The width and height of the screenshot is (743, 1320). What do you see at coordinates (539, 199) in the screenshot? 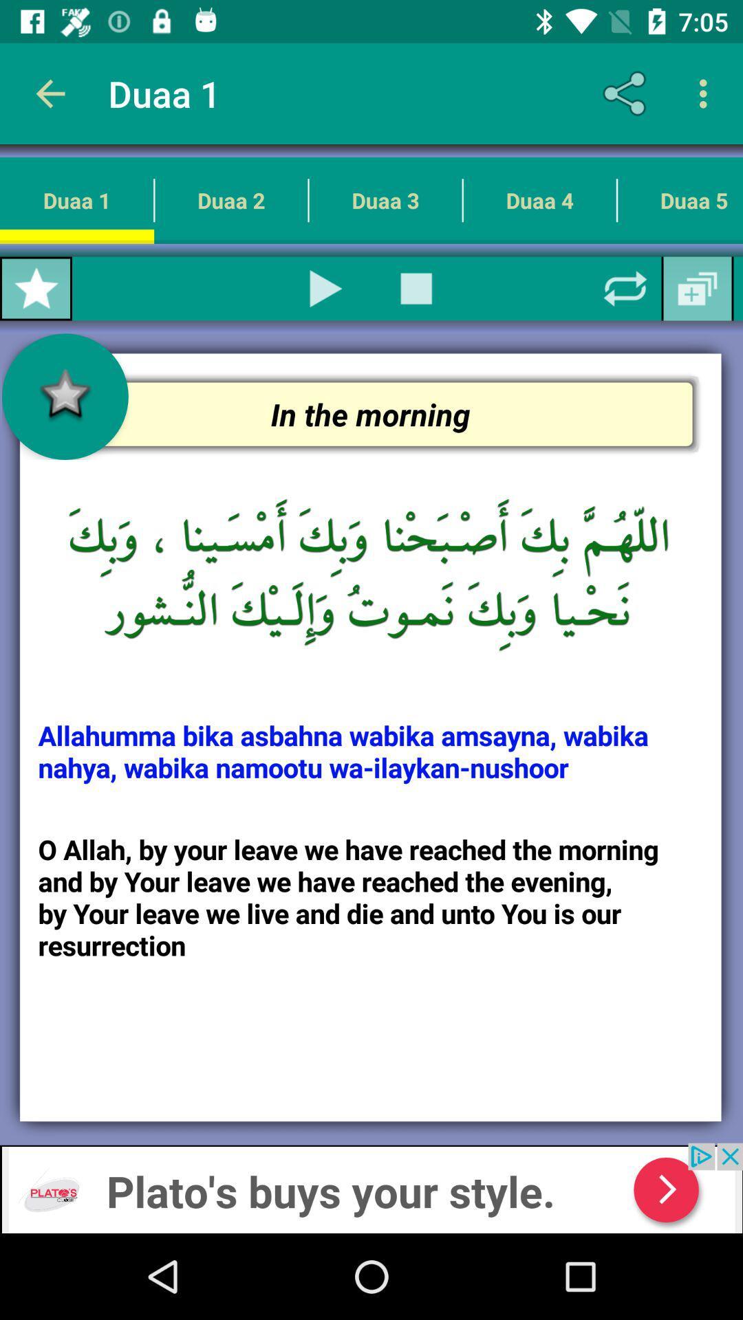
I see `duaa 4 item` at bounding box center [539, 199].